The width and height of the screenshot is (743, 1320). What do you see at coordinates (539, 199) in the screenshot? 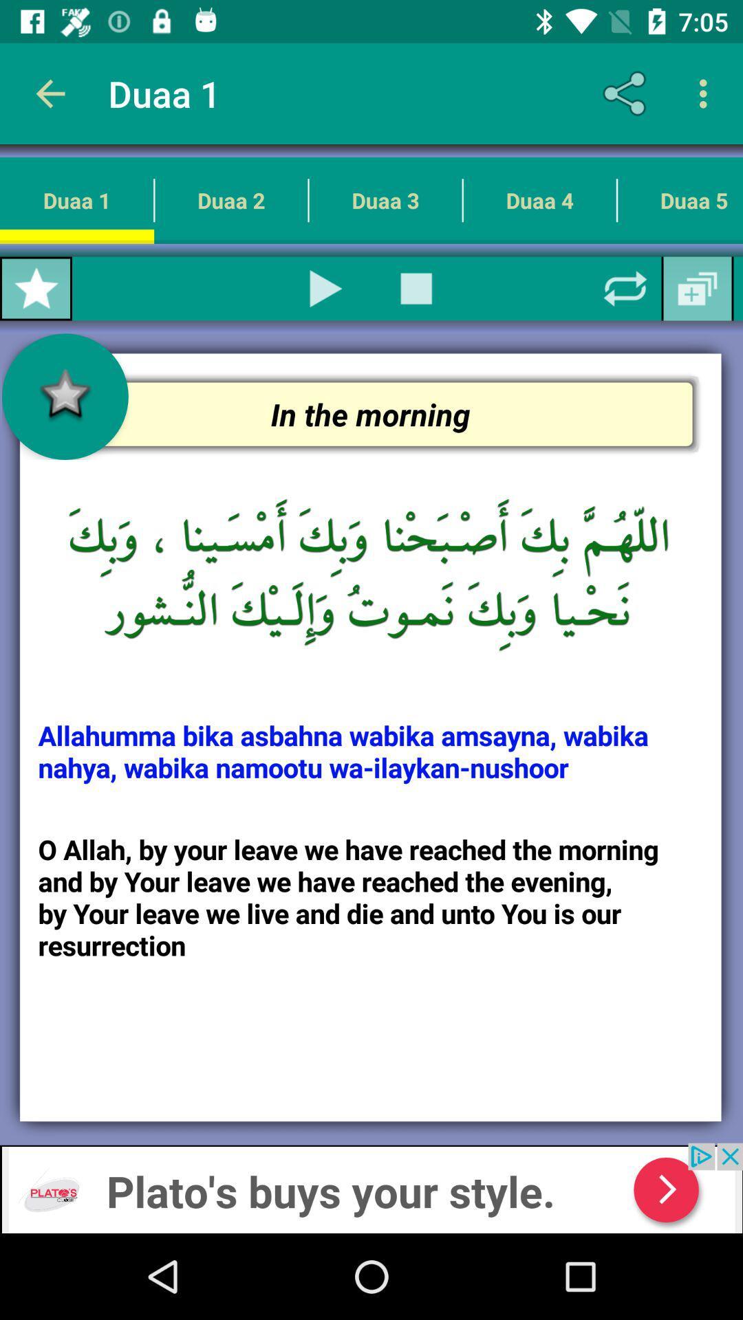
I see `duaa 4 item` at bounding box center [539, 199].